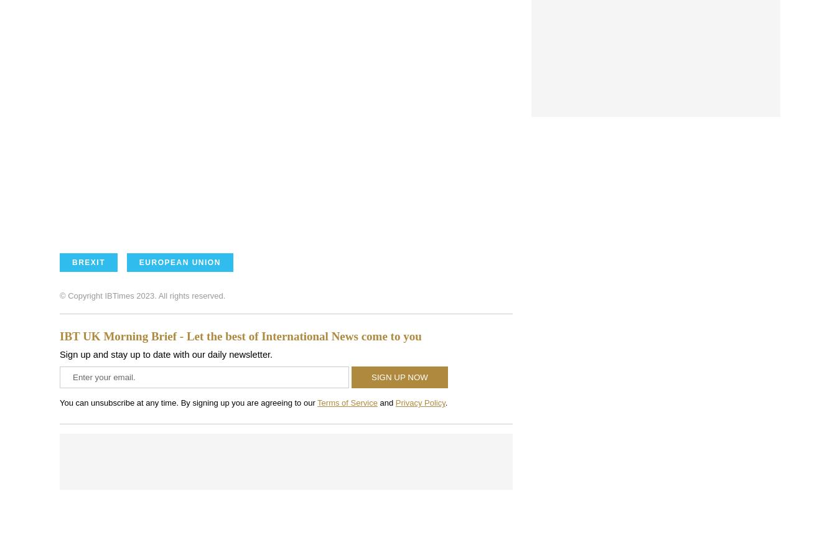  Describe the element at coordinates (58, 294) in the screenshot. I see `'© Copyright IBTimes 2023. All rights reserved.'` at that location.